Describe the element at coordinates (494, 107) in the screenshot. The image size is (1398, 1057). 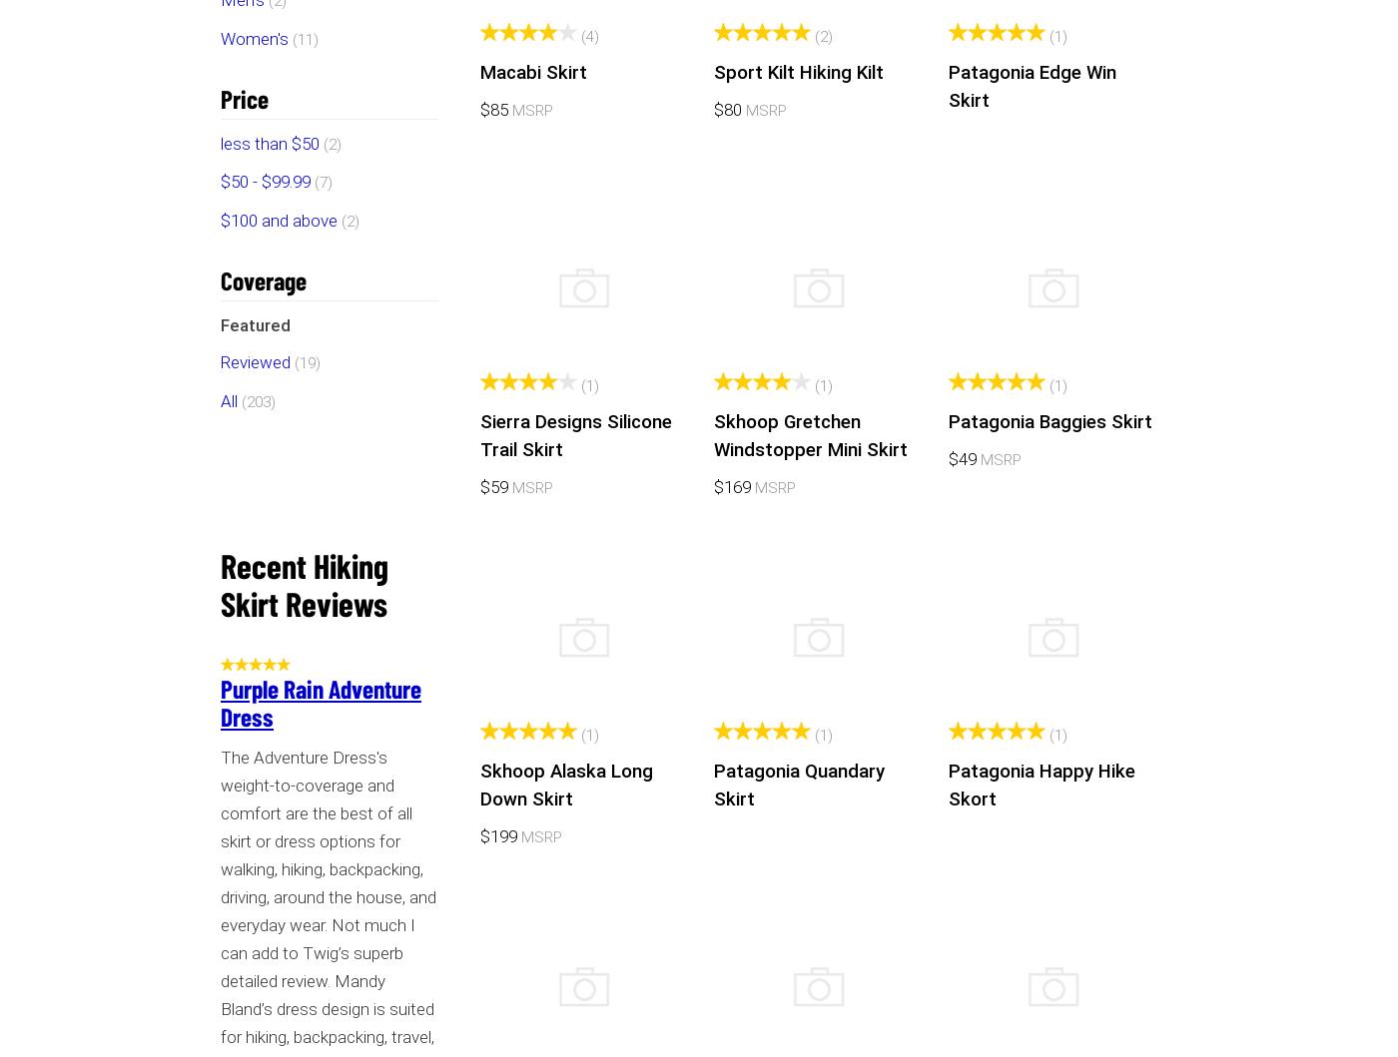
I see `'$85'` at that location.